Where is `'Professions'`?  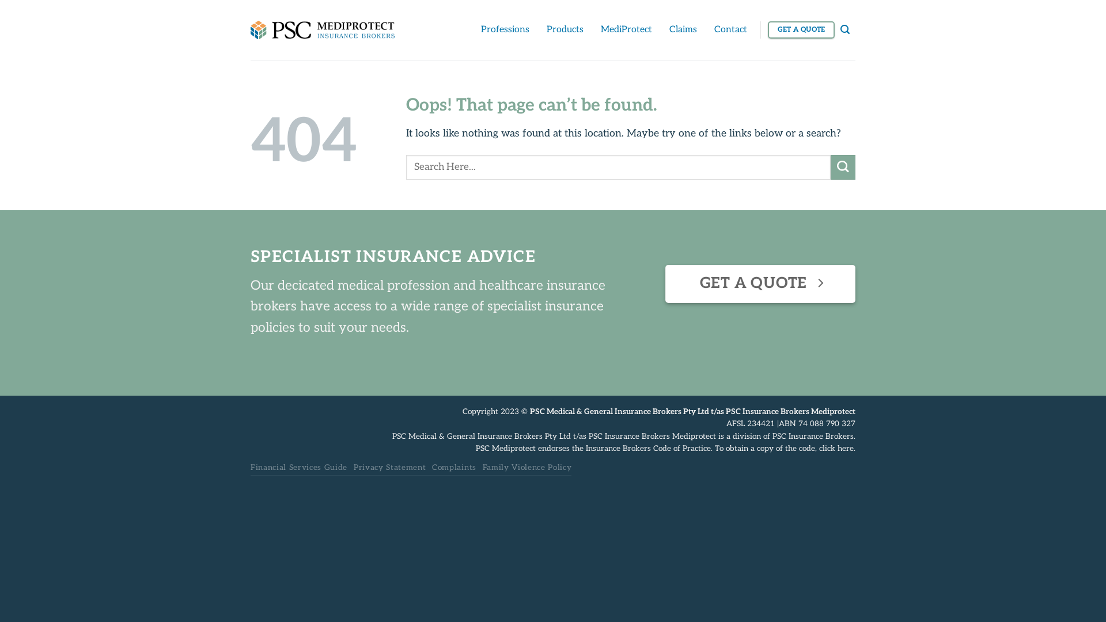
'Professions' is located at coordinates (505, 29).